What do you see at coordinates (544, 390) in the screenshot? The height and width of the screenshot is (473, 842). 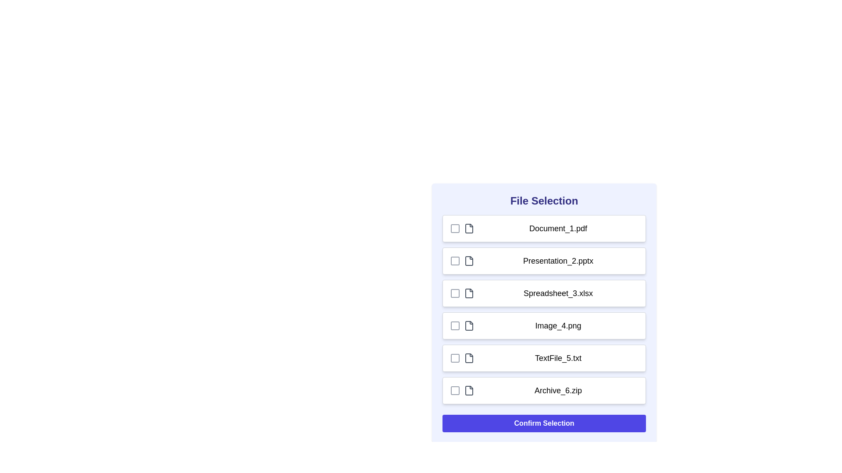 I see `the file row corresponding to Archive_6.zip` at bounding box center [544, 390].